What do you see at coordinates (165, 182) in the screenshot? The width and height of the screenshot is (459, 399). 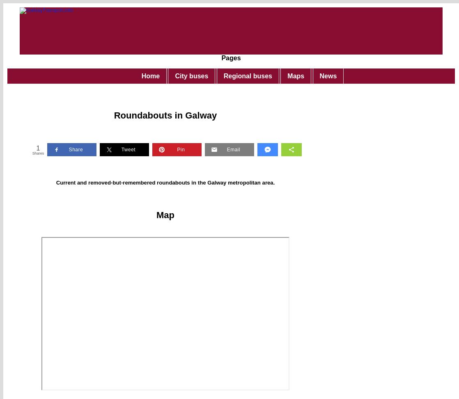 I see `'Current and removed-but-remembered roundabouts in the Galway metropolitan area.'` at bounding box center [165, 182].